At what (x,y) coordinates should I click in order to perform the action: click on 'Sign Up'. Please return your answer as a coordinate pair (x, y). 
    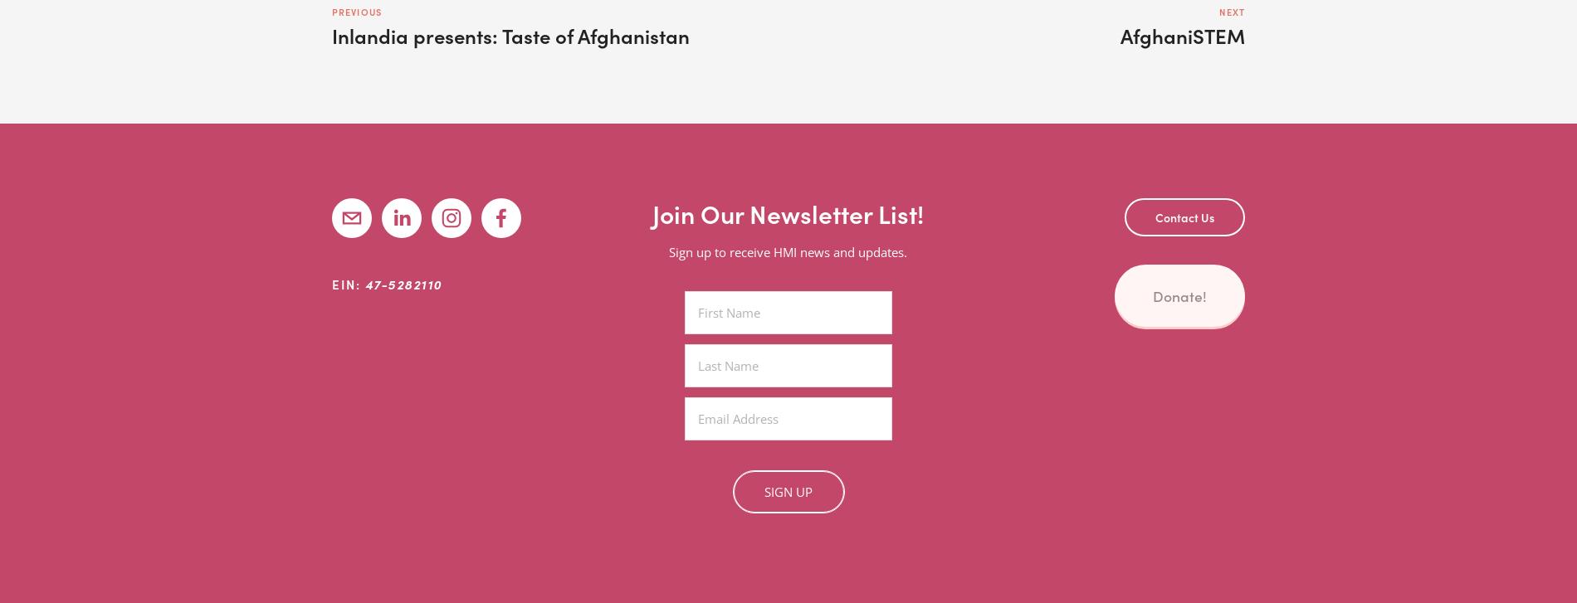
    Looking at the image, I should click on (763, 491).